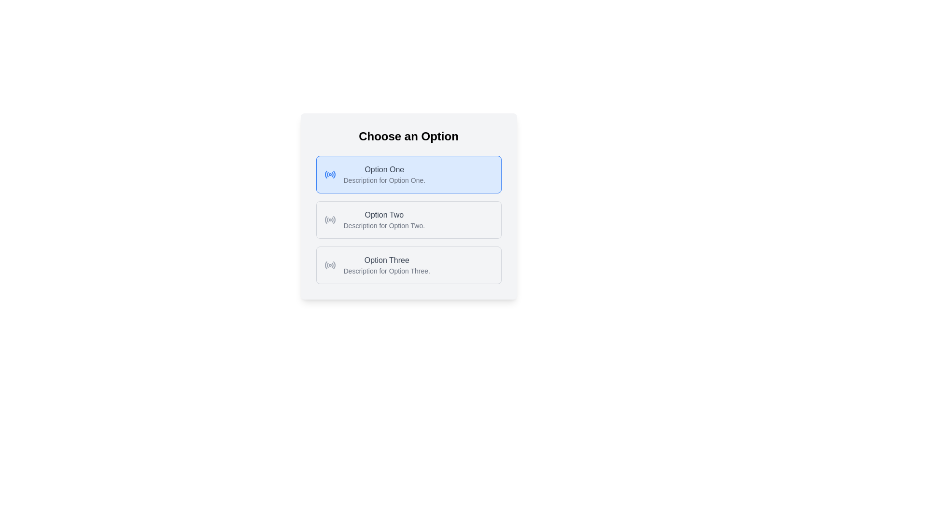  Describe the element at coordinates (384, 175) in the screenshot. I see `information displayed in the text block labeled 'Option One' and its description, which are centrally located within the blue-highlighted section of the selectable option card` at that location.